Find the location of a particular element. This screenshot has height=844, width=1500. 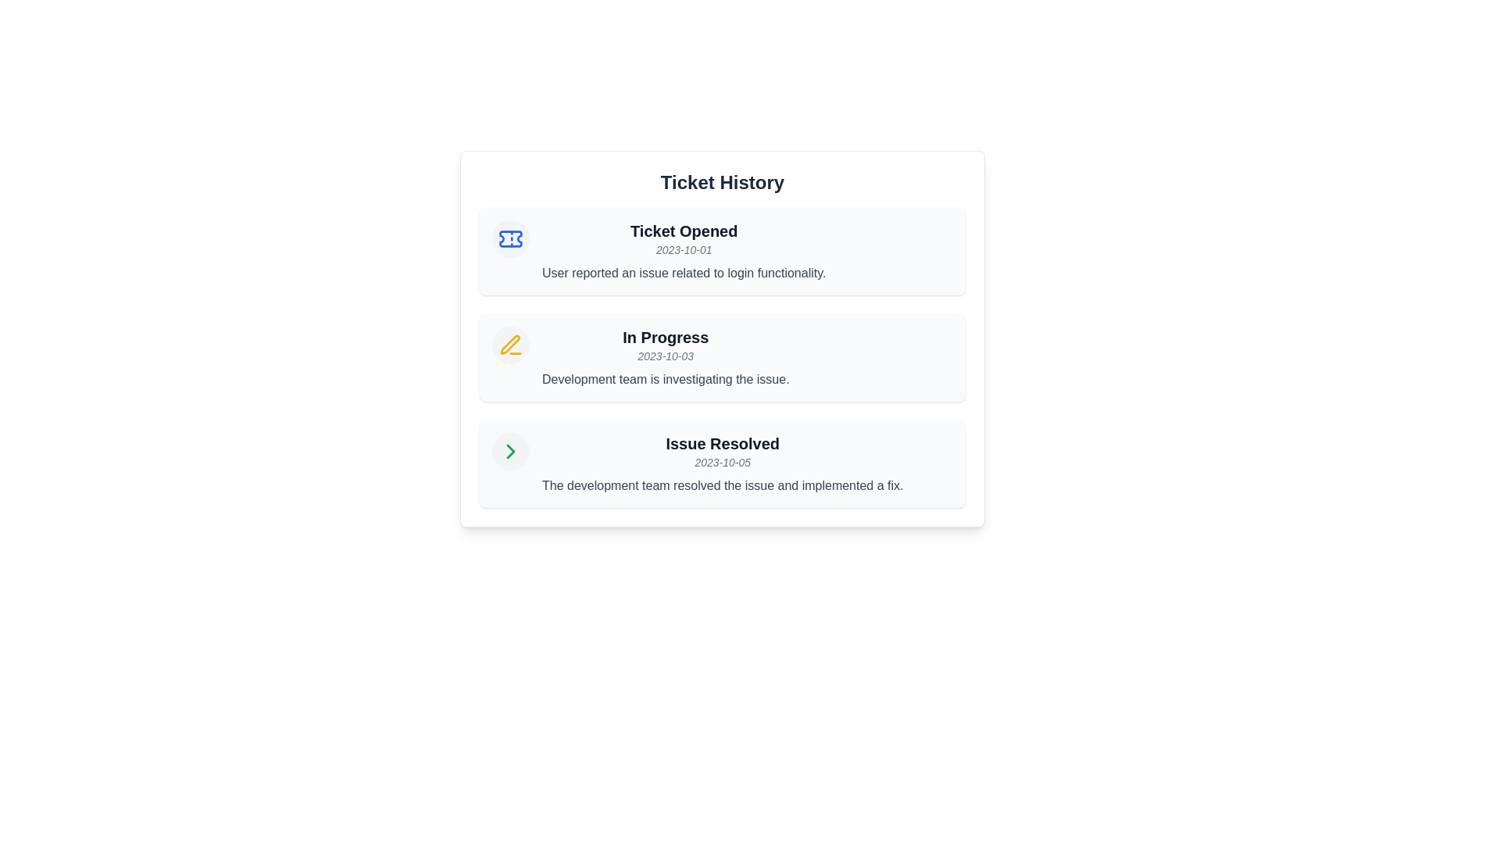

the Informational Card that provides details about an issue's resolution, which is the third item in a vertically stacked list of similar cards is located at coordinates (722, 463).